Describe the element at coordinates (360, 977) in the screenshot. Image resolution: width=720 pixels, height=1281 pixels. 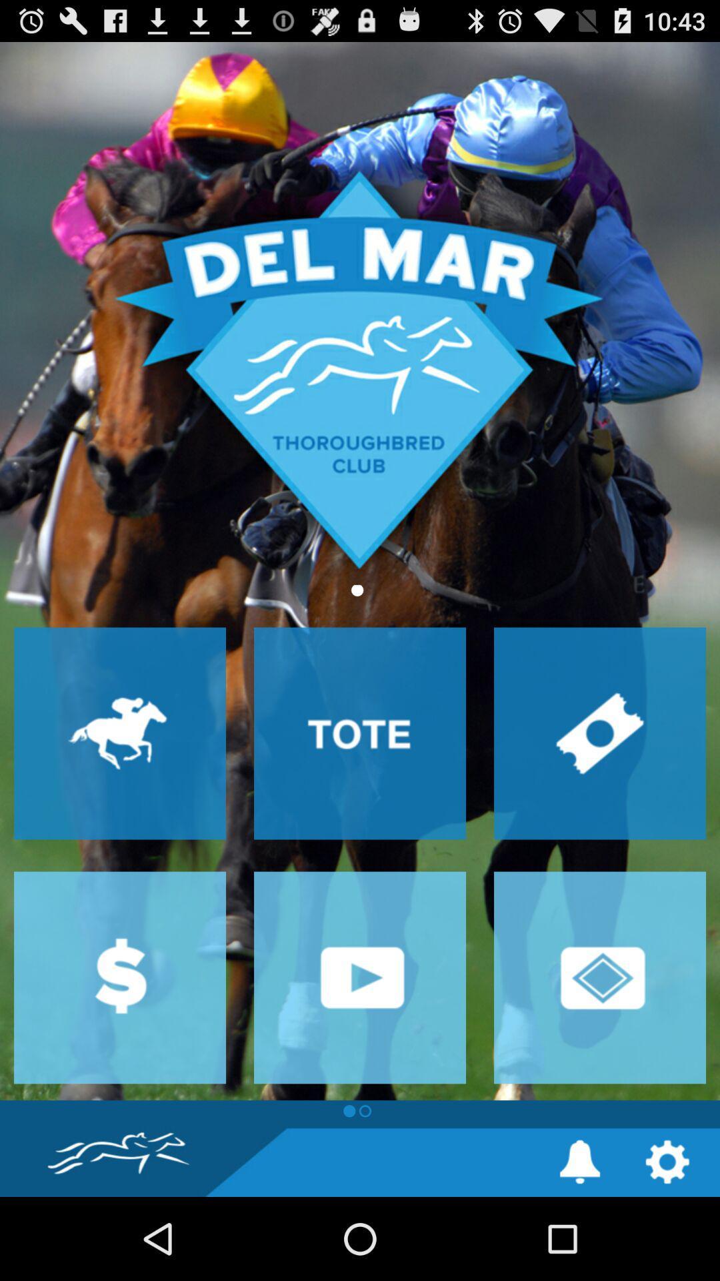
I see `youtube button` at that location.